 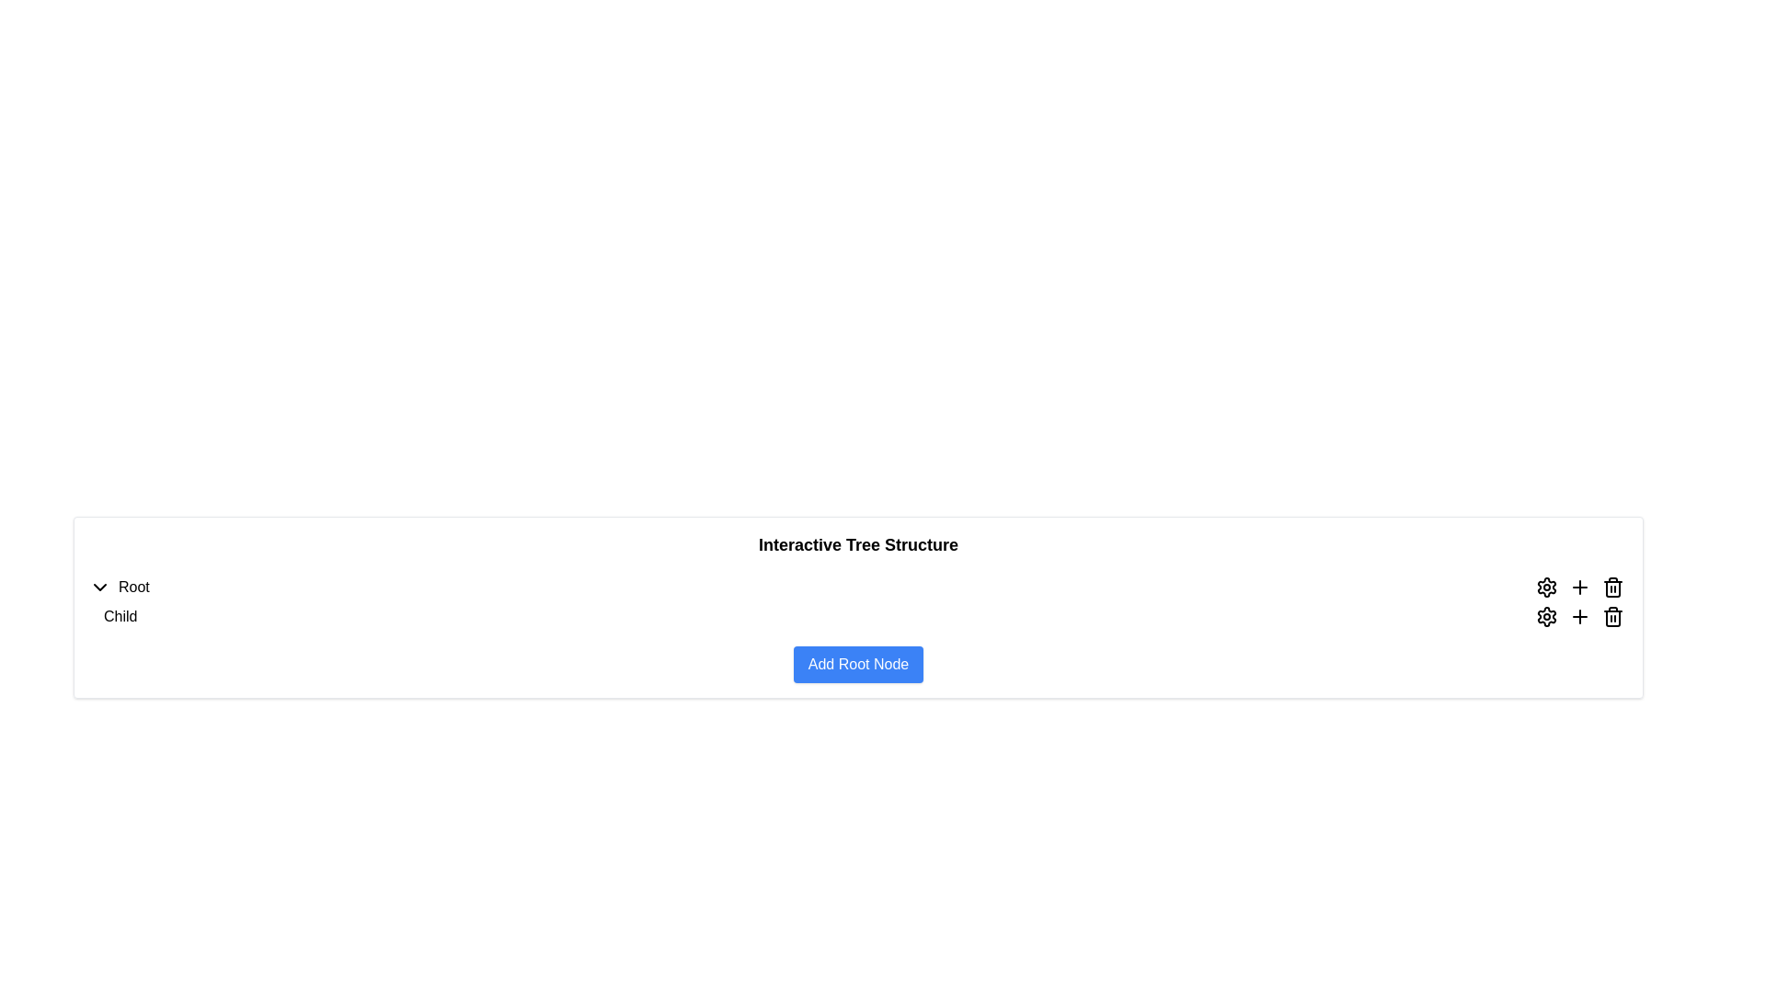 What do you see at coordinates (1611, 617) in the screenshot?
I see `the trash can icon located` at bounding box center [1611, 617].